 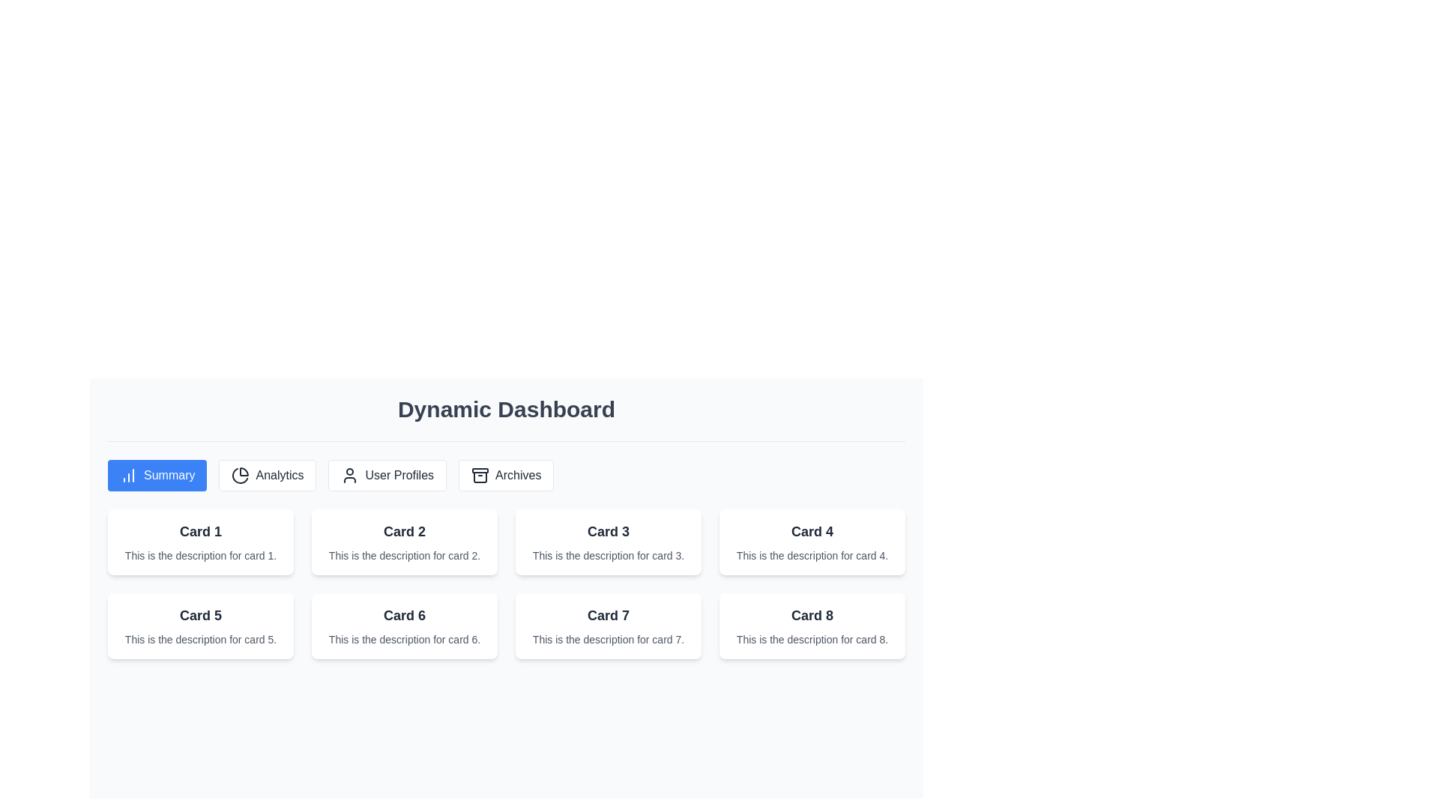 I want to click on the text label displaying 'Card 4', which is styled in bold dark gray and located at the top of the fourth card in a grid layout, so click(x=812, y=530).